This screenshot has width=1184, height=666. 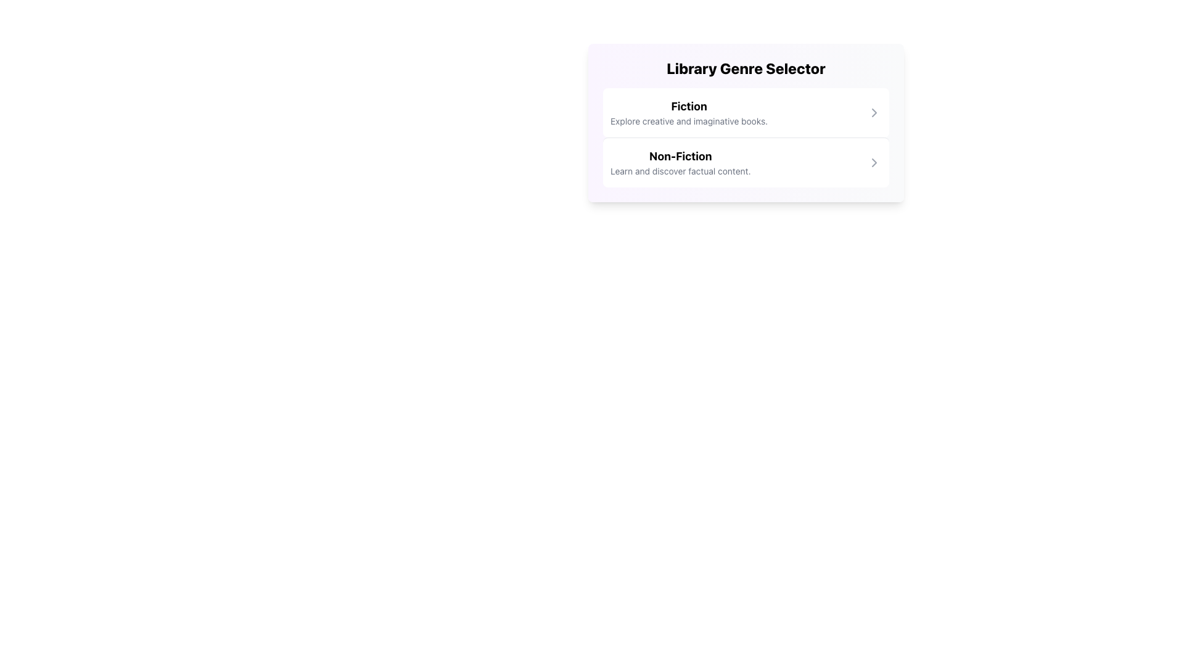 What do you see at coordinates (873, 162) in the screenshot?
I see `the right-pointing chevron icon adjacent to the 'Non-Fiction' text` at bounding box center [873, 162].